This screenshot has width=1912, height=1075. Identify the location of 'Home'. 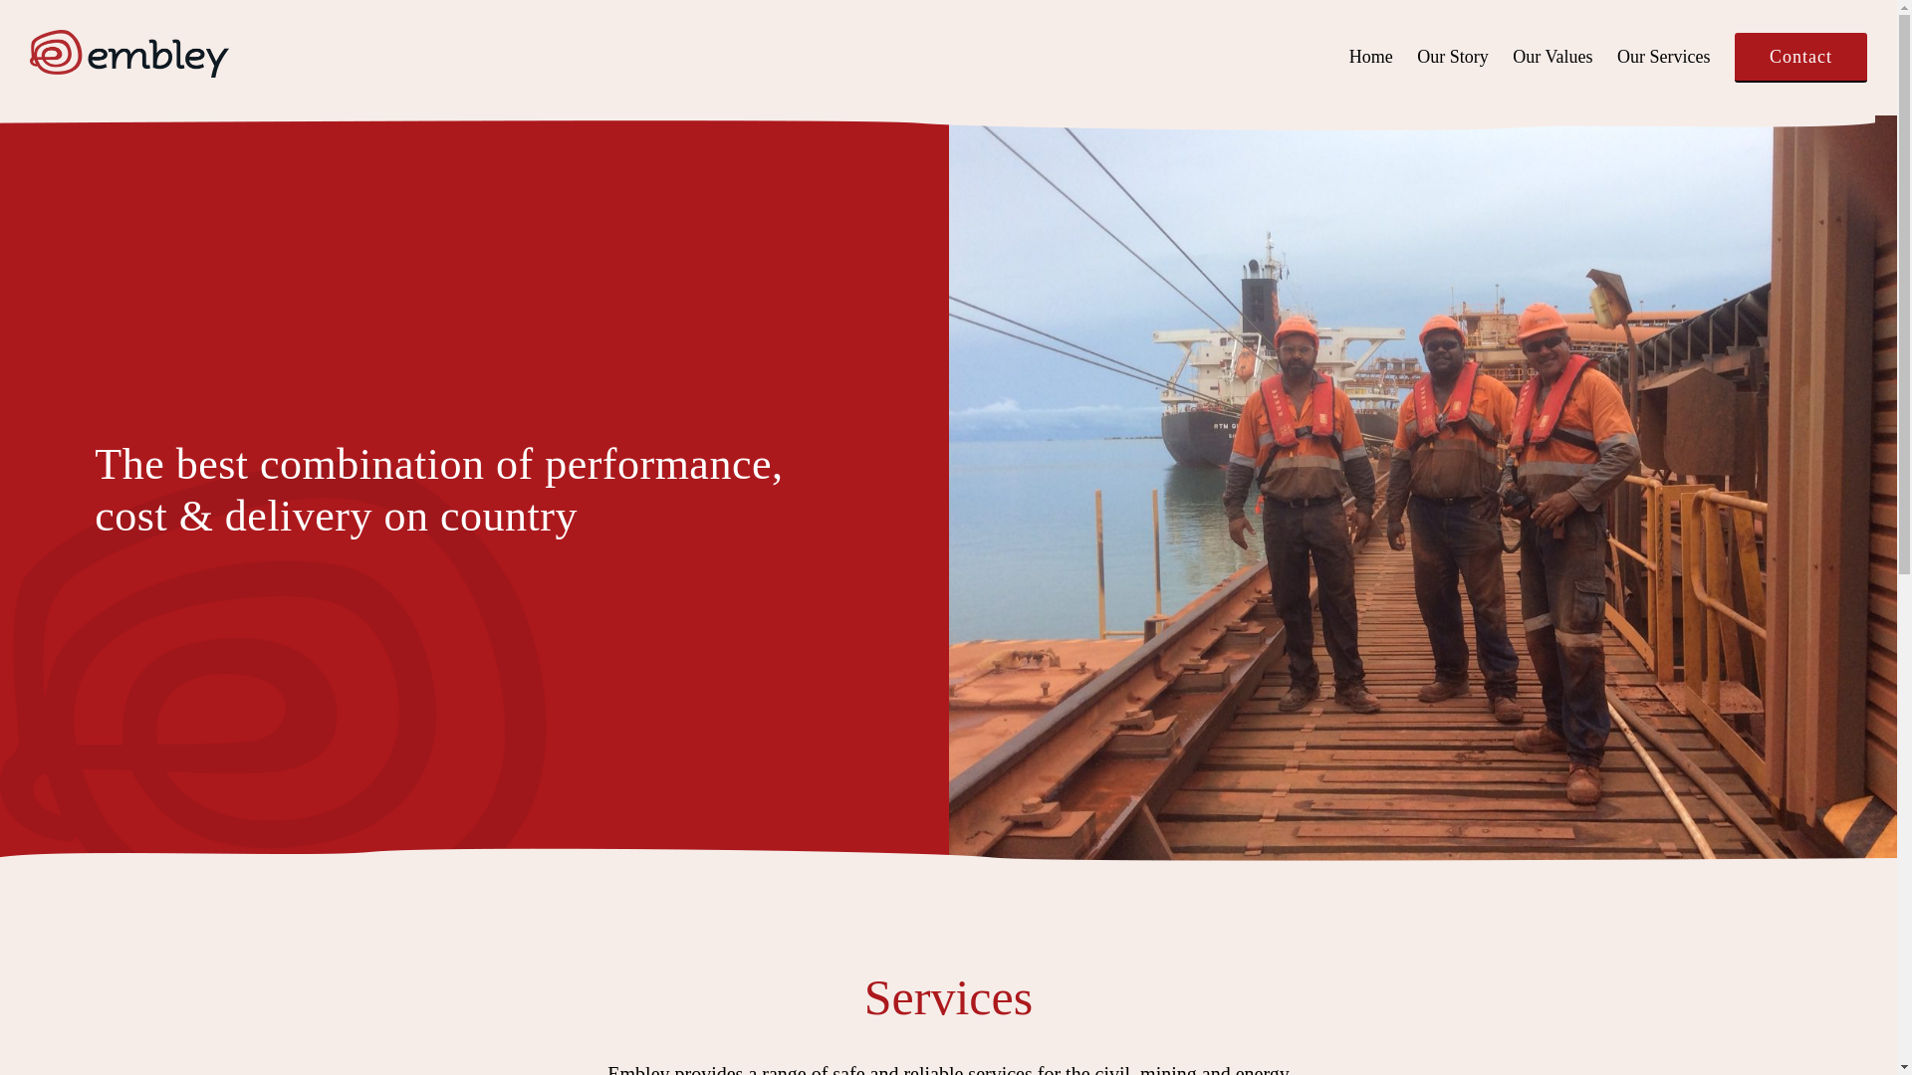
(1370, 56).